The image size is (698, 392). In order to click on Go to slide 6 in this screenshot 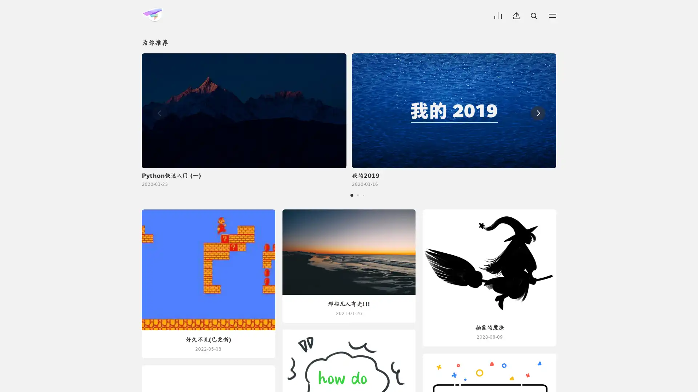, I will do `click(380, 195)`.